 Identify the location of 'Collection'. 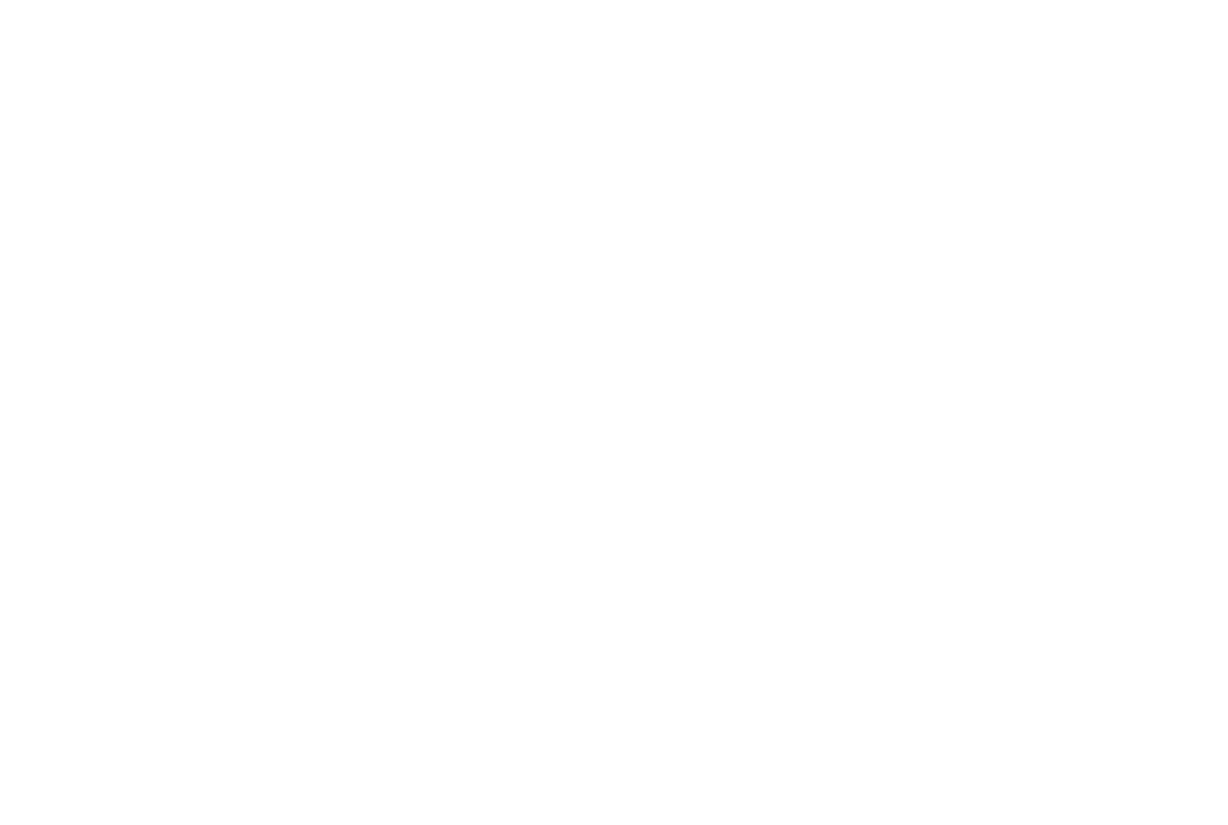
(490, 183).